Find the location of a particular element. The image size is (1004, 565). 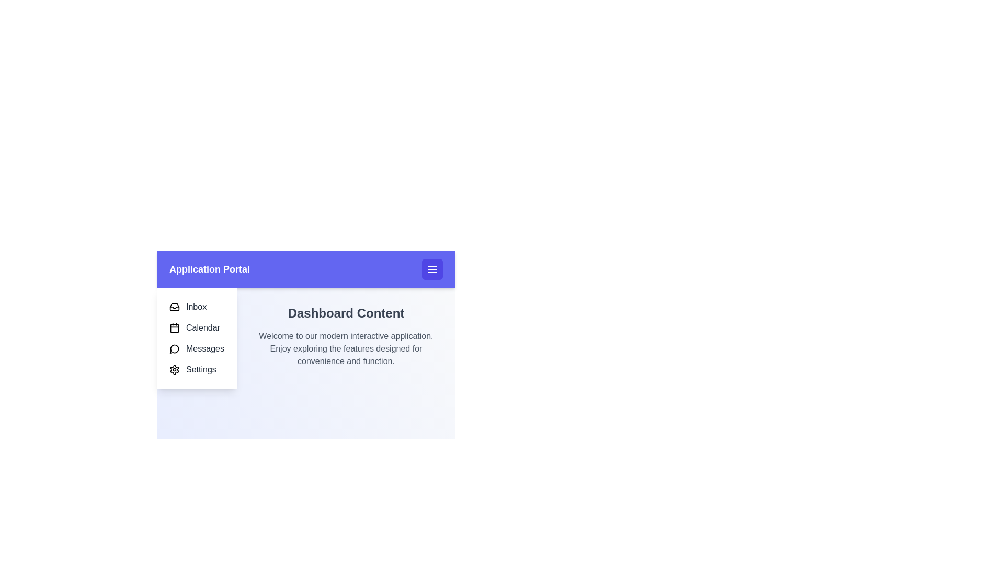

the rectangular graphic component within the calendar icon located in the left-hand navigation bar under the 'Calendar' label is located at coordinates (175, 327).